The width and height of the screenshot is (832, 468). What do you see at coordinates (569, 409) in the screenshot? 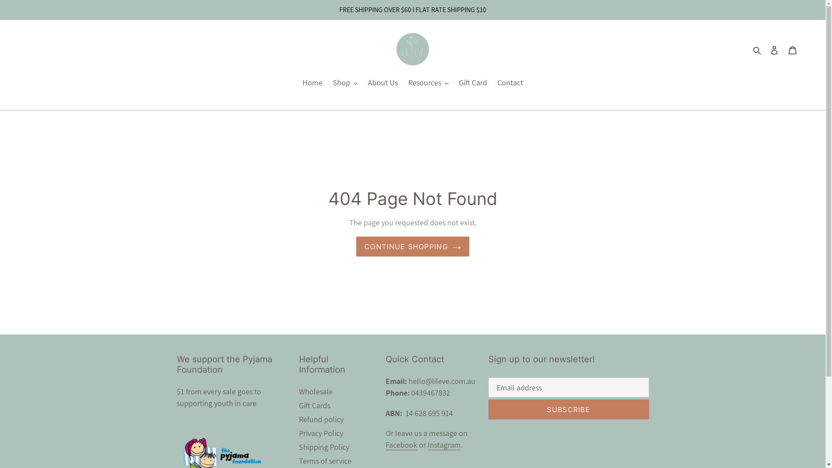
I see `'SUBSCRIBE'` at bounding box center [569, 409].